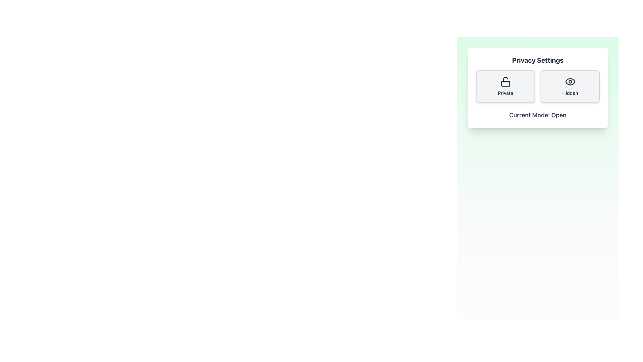 Image resolution: width=643 pixels, height=362 pixels. Describe the element at coordinates (538, 115) in the screenshot. I see `the Text Label that displays 'Current Mode: Open', which is styled in bold and subdued gray, located beneath the 'Privacy Settings' heading` at that location.